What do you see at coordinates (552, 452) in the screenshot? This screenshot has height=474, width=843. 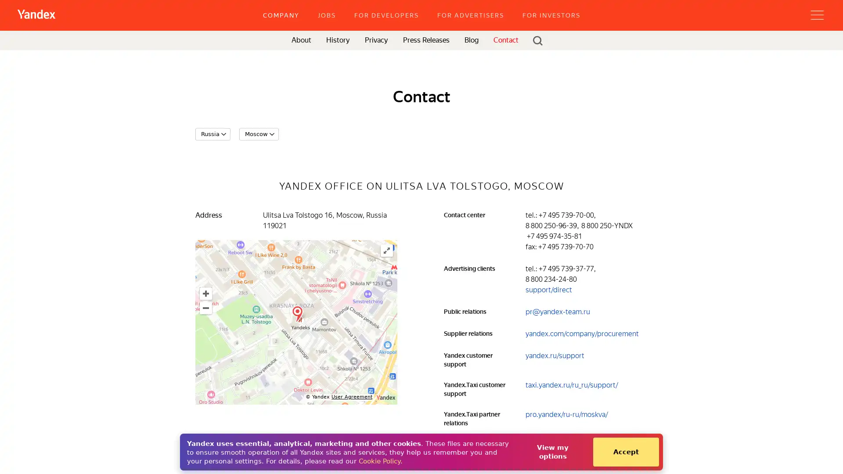 I see `View my options` at bounding box center [552, 452].